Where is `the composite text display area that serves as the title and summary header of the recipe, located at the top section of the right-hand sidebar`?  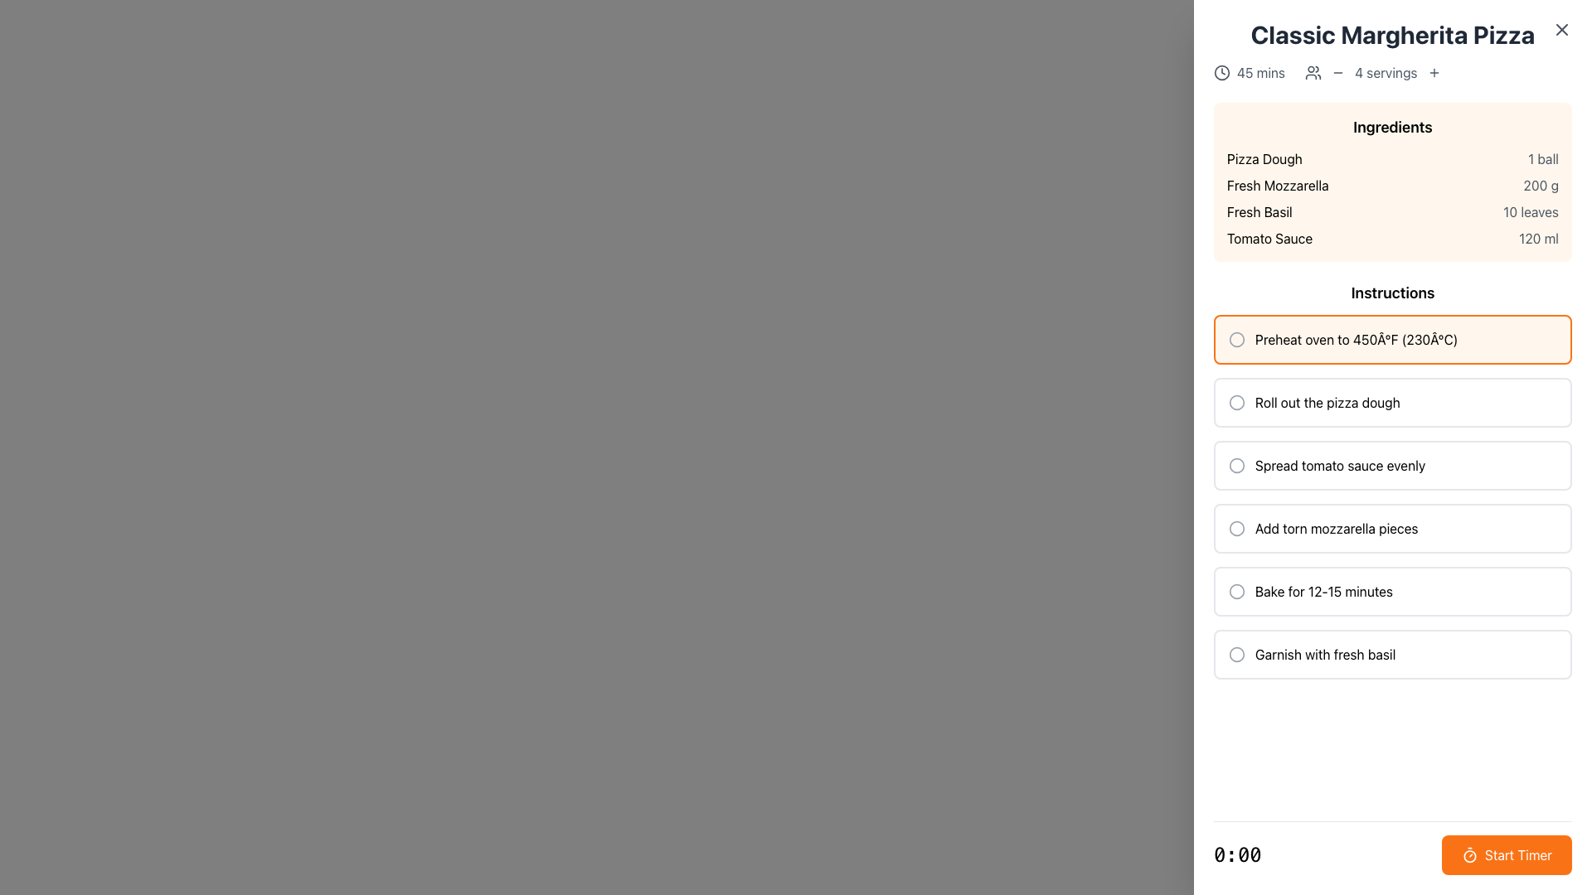 the composite text display area that serves as the title and summary header of the recipe, located at the top section of the right-hand sidebar is located at coordinates (1393, 50).